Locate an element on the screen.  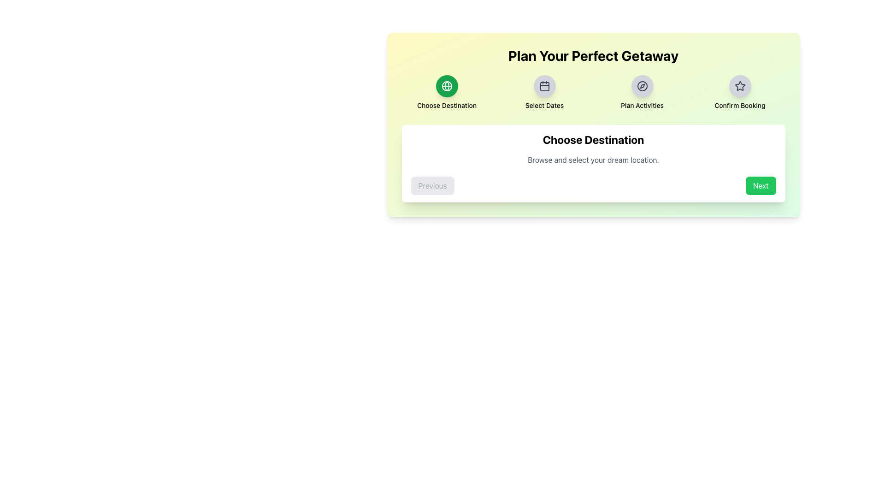
the 'Plan Activities' button, which is the third button in a horizontal group of four, located below the title 'Plan Your Perfect Getaway' is located at coordinates (642, 86).